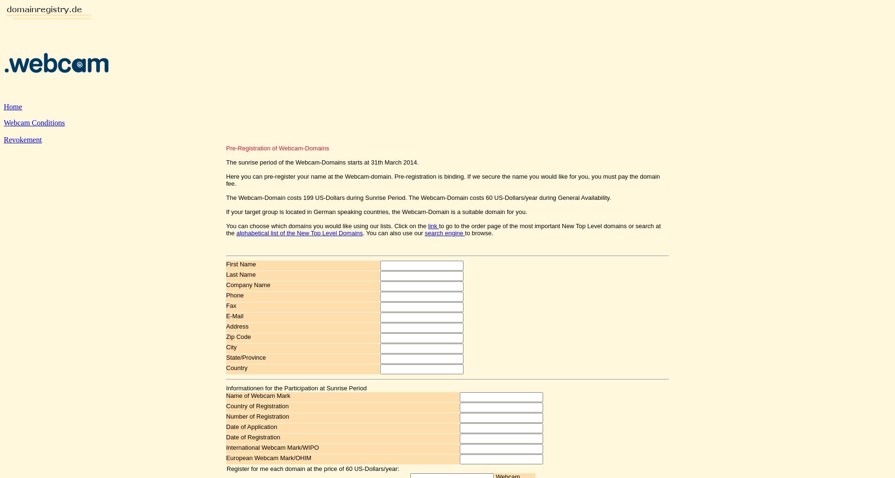 The height and width of the screenshot is (478, 895). I want to click on 'European Webcam  Mark/OHIM', so click(268, 458).